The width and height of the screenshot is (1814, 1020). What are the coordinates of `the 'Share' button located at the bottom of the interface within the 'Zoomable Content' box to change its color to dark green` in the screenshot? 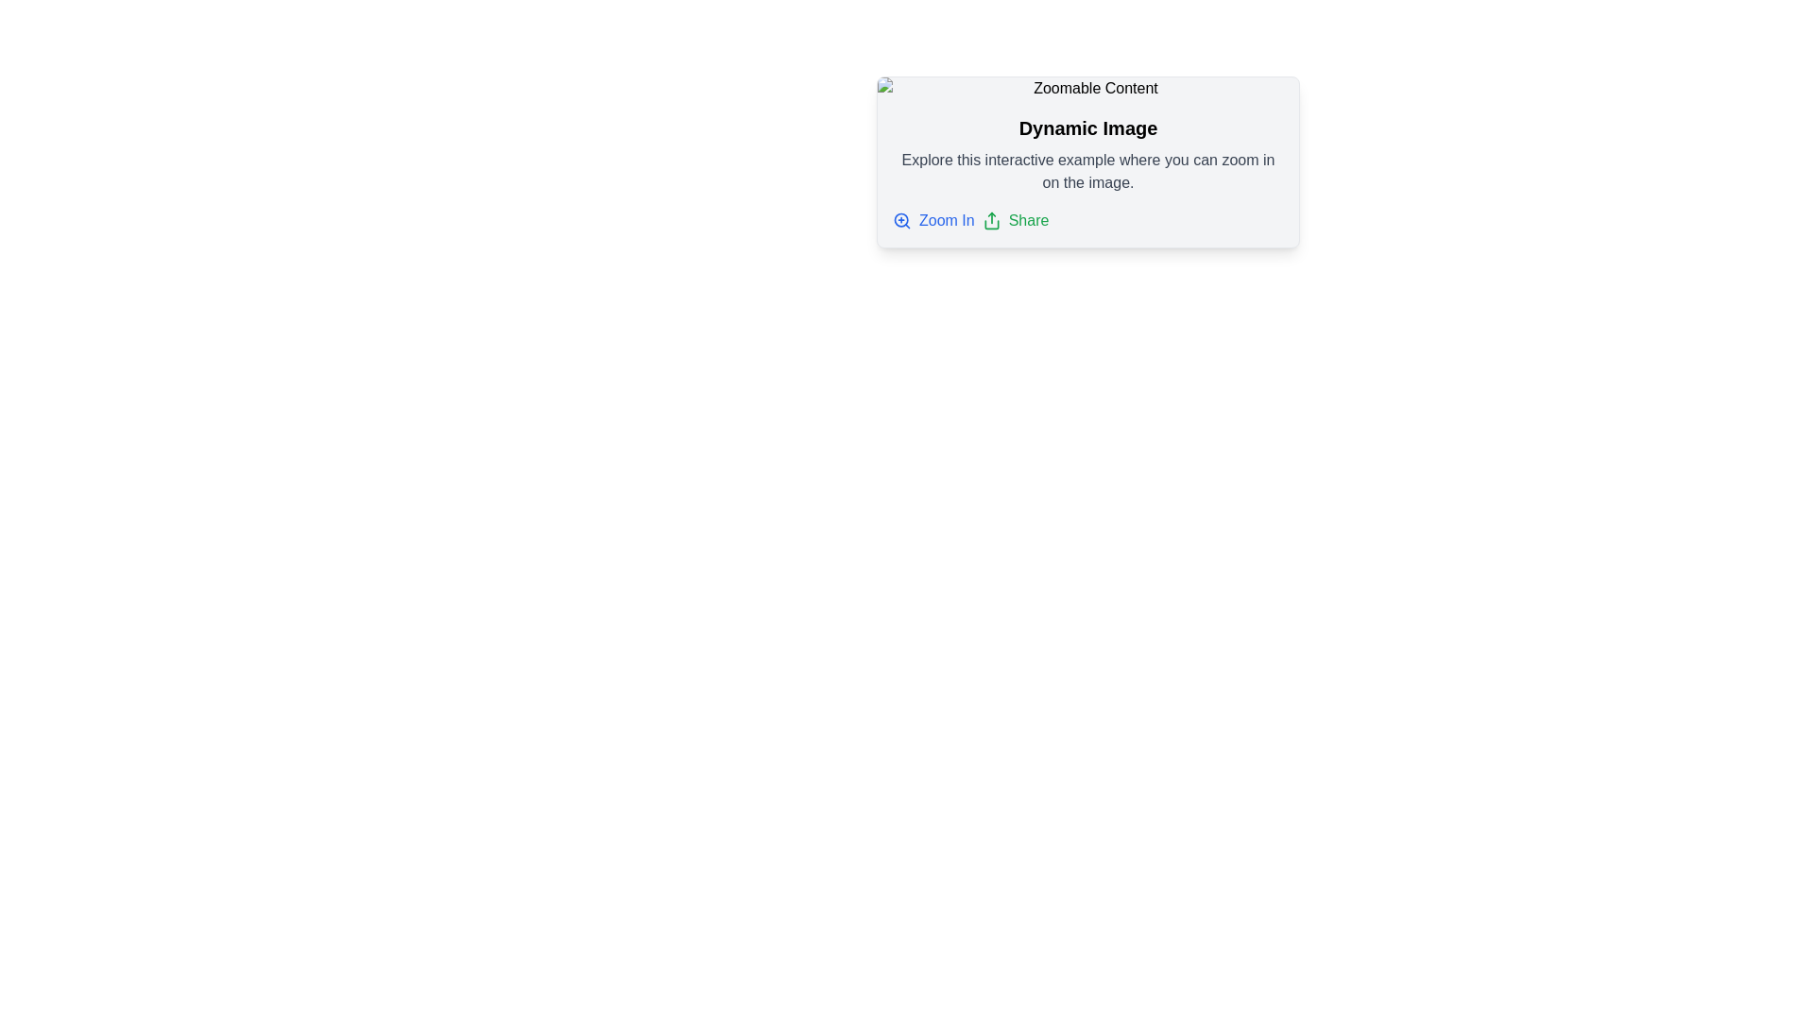 It's located at (1015, 220).